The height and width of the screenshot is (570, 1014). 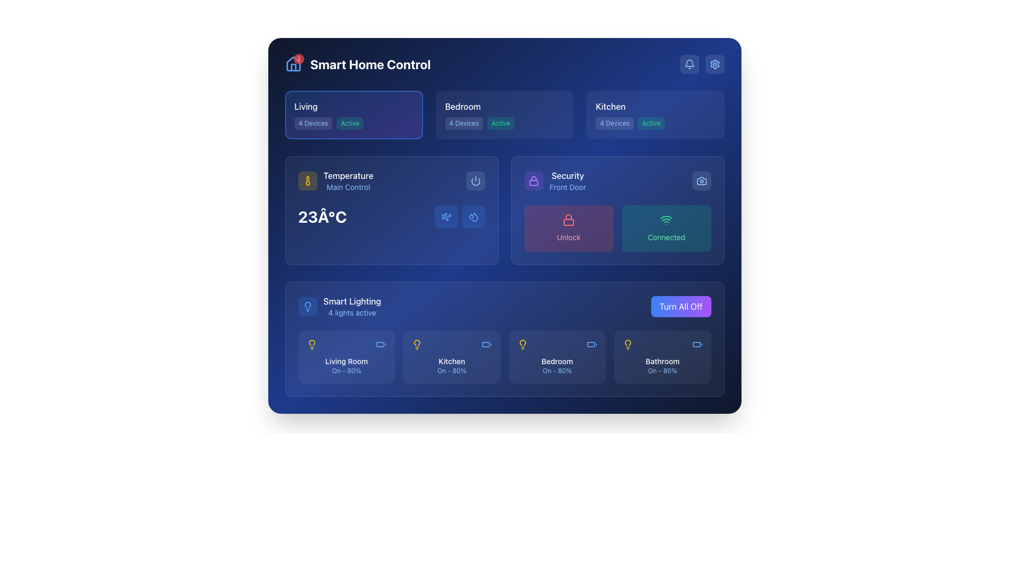 What do you see at coordinates (715, 64) in the screenshot?
I see `the gear-shaped icon button located in the top-right corner of the interface` at bounding box center [715, 64].